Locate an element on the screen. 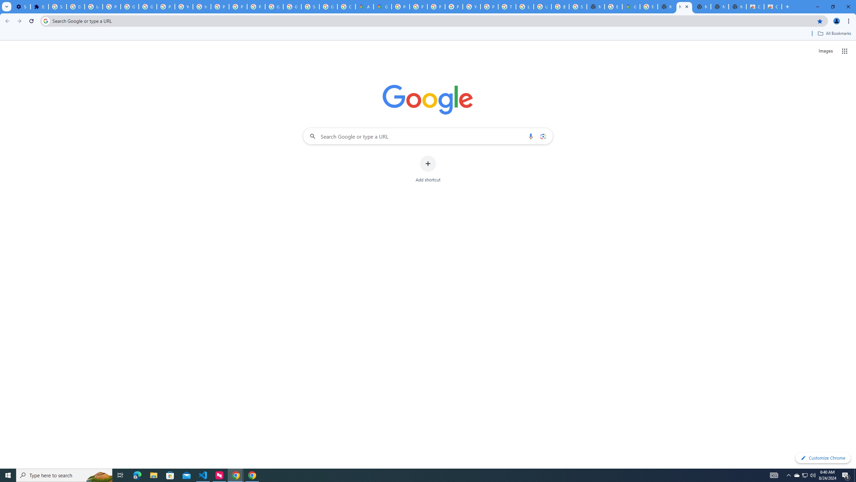 The width and height of the screenshot is (856, 482). 'Policy Accountability and Transparency - Transparency Center' is located at coordinates (401, 6).